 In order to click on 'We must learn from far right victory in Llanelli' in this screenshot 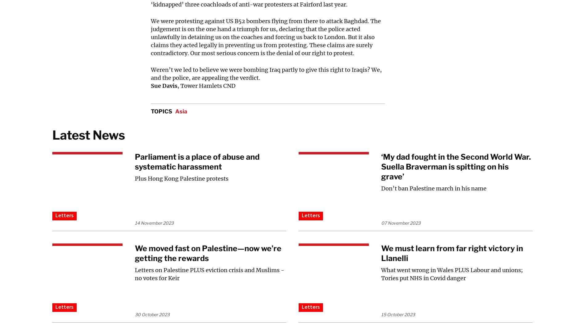, I will do `click(452, 253)`.